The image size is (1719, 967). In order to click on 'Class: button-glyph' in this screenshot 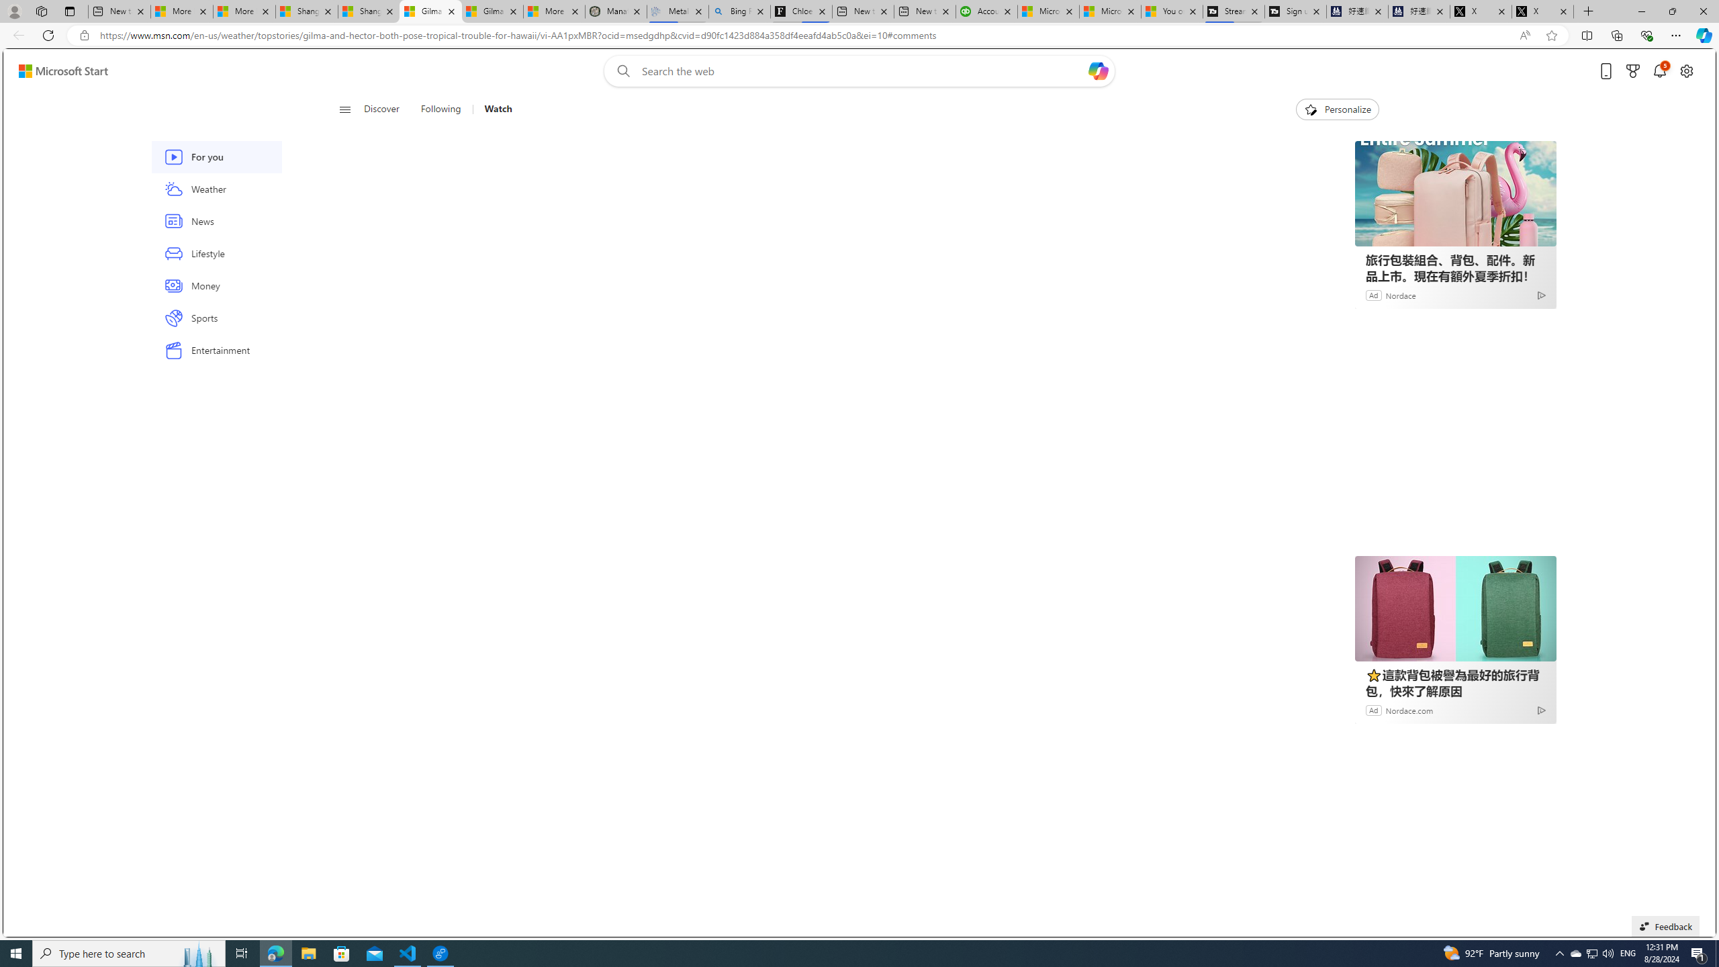, I will do `click(344, 109)`.